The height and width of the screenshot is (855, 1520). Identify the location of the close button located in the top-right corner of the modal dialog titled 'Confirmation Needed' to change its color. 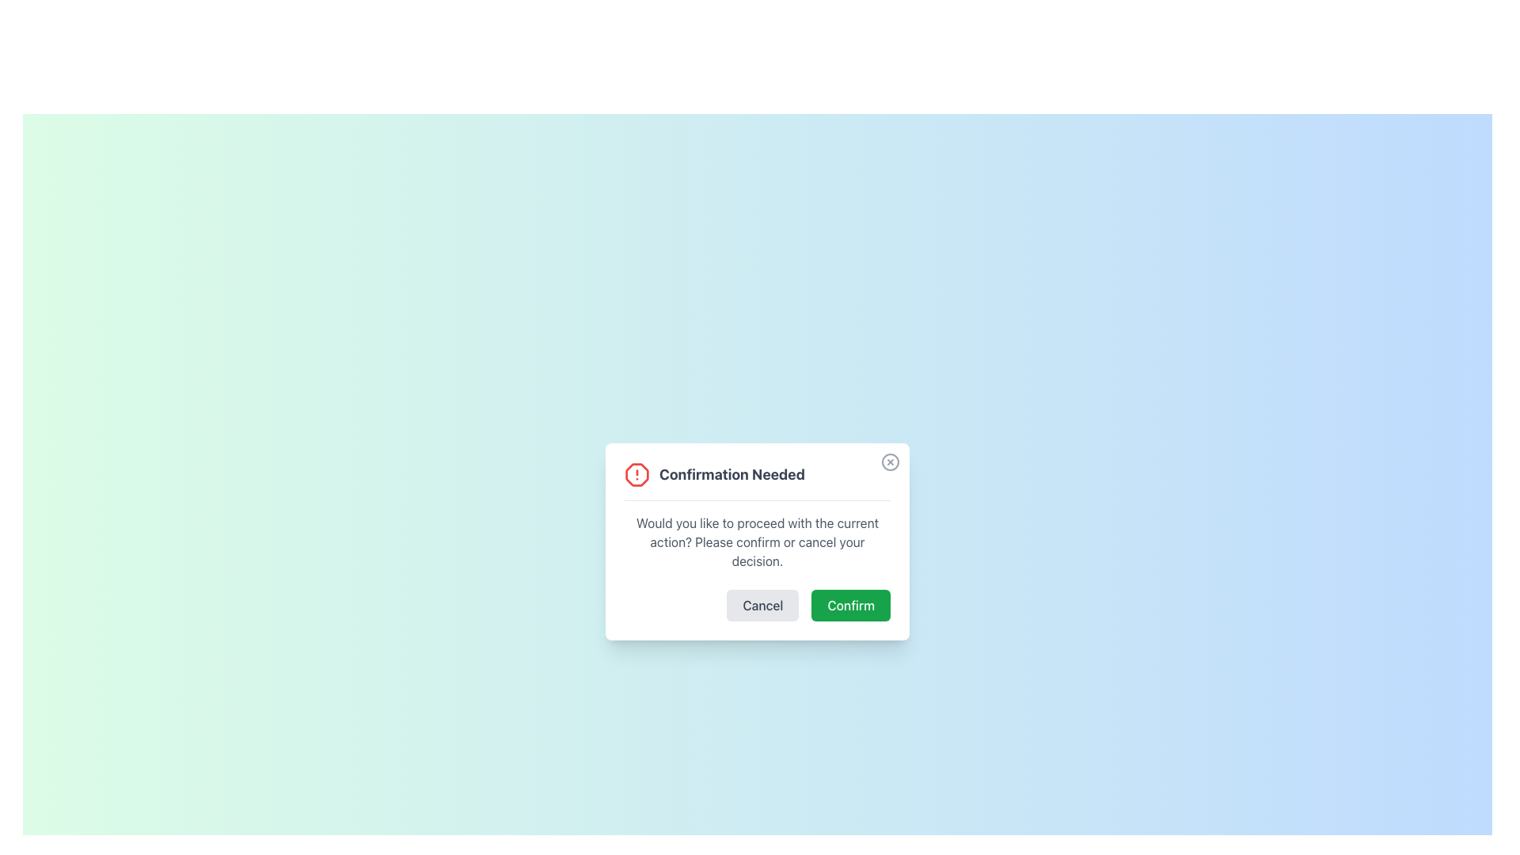
(890, 461).